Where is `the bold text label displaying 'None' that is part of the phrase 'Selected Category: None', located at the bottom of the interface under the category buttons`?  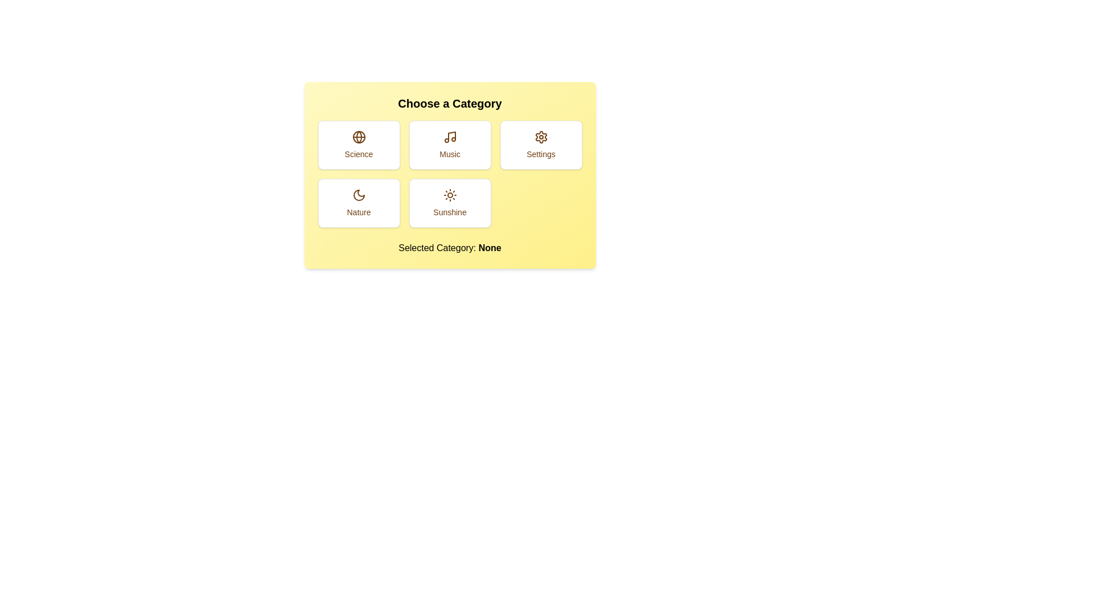
the bold text label displaying 'None' that is part of the phrase 'Selected Category: None', located at the bottom of the interface under the category buttons is located at coordinates (490, 247).